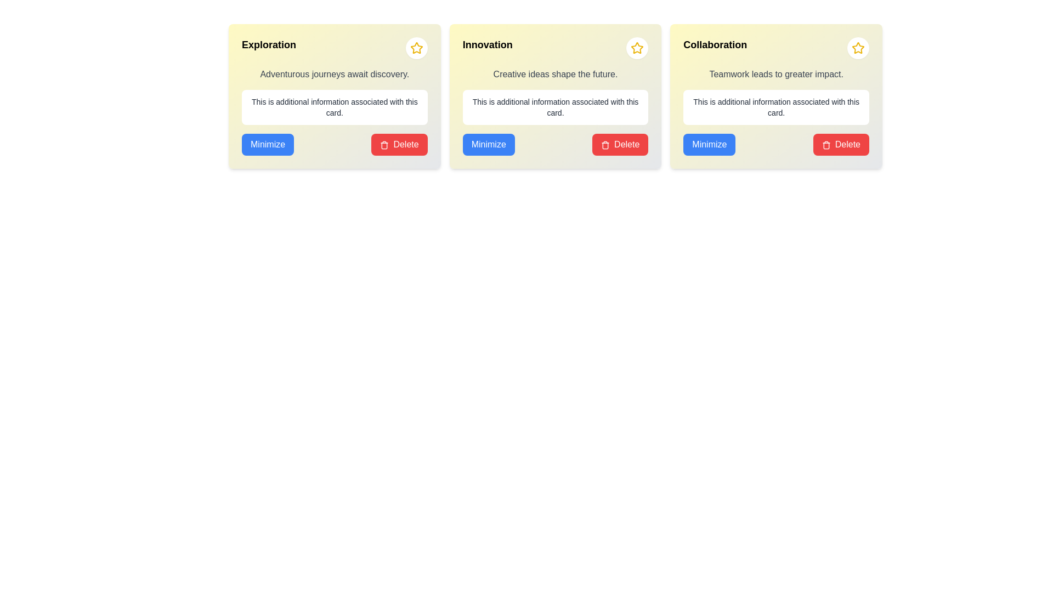 Image resolution: width=1053 pixels, height=592 pixels. Describe the element at coordinates (416, 48) in the screenshot. I see `the circular white button with a star icon in the top-right corner of the 'Exploration' card` at that location.